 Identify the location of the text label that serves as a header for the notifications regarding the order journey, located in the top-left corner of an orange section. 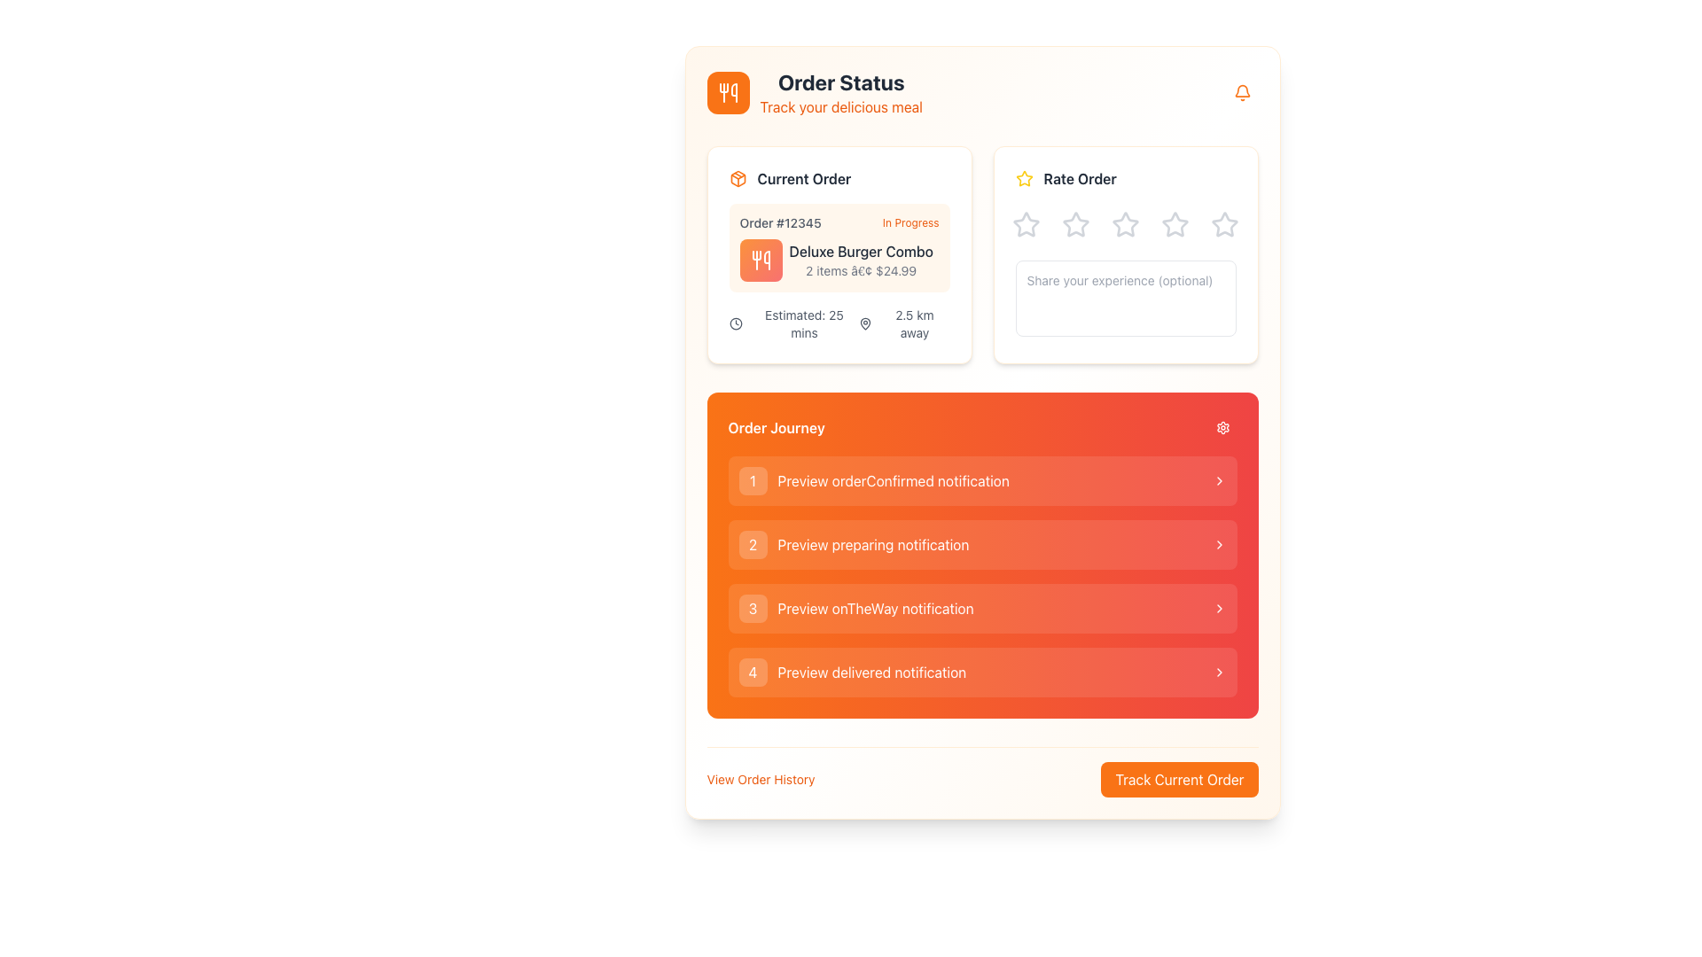
(777, 427).